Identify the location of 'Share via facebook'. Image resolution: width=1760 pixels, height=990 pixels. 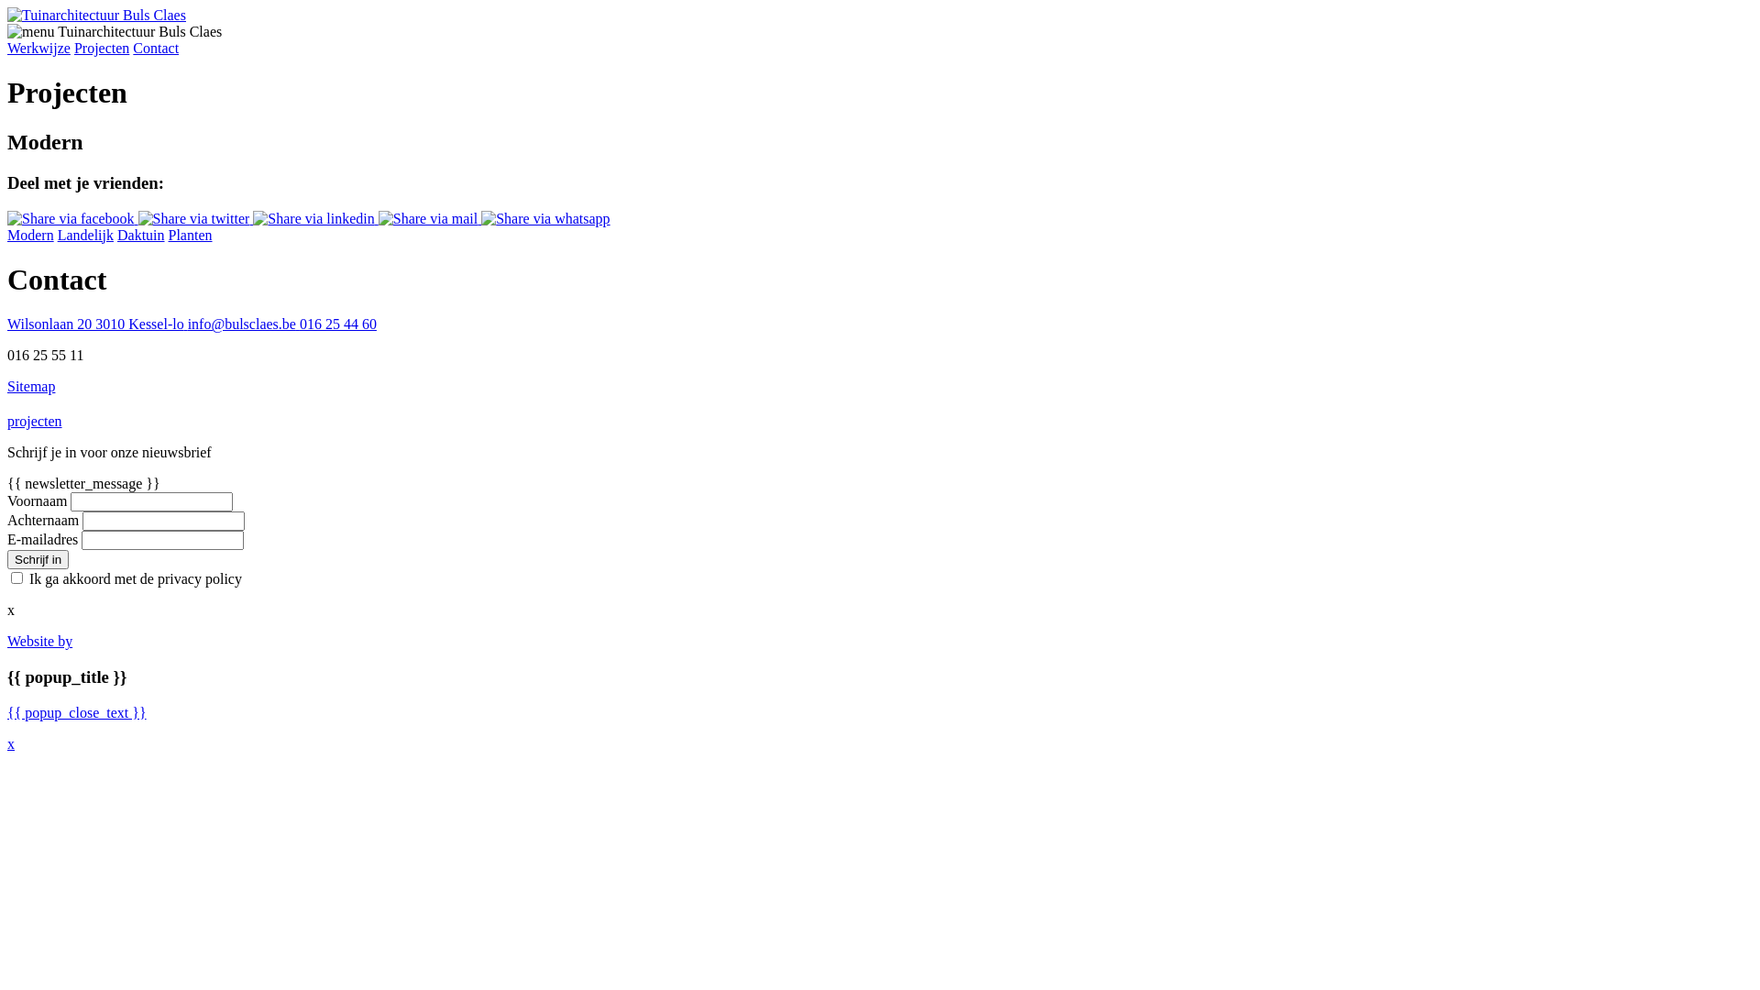
(72, 217).